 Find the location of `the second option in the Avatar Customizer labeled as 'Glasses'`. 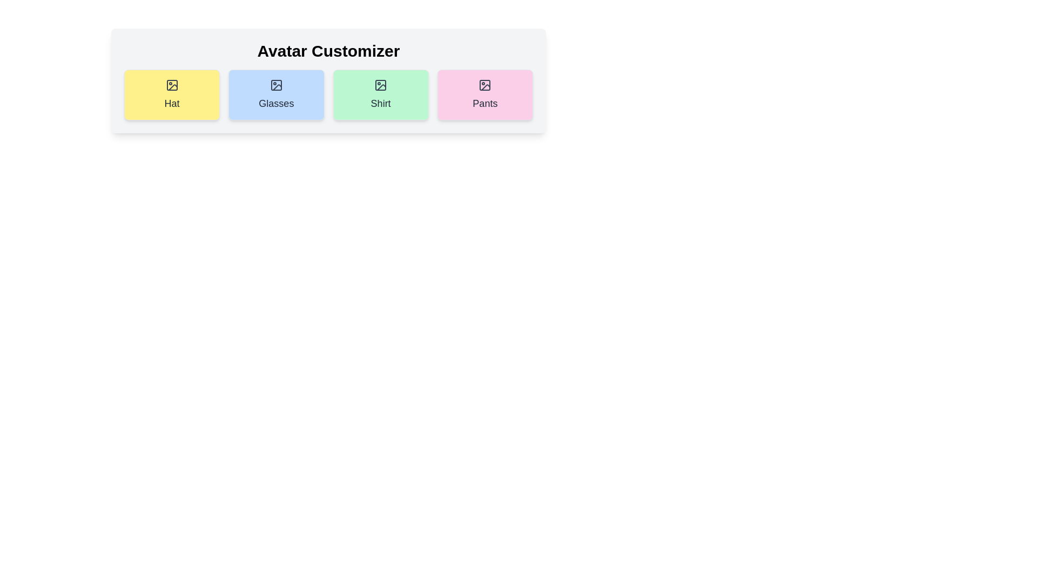

the second option in the Avatar Customizer labeled as 'Glasses' is located at coordinates (276, 94).